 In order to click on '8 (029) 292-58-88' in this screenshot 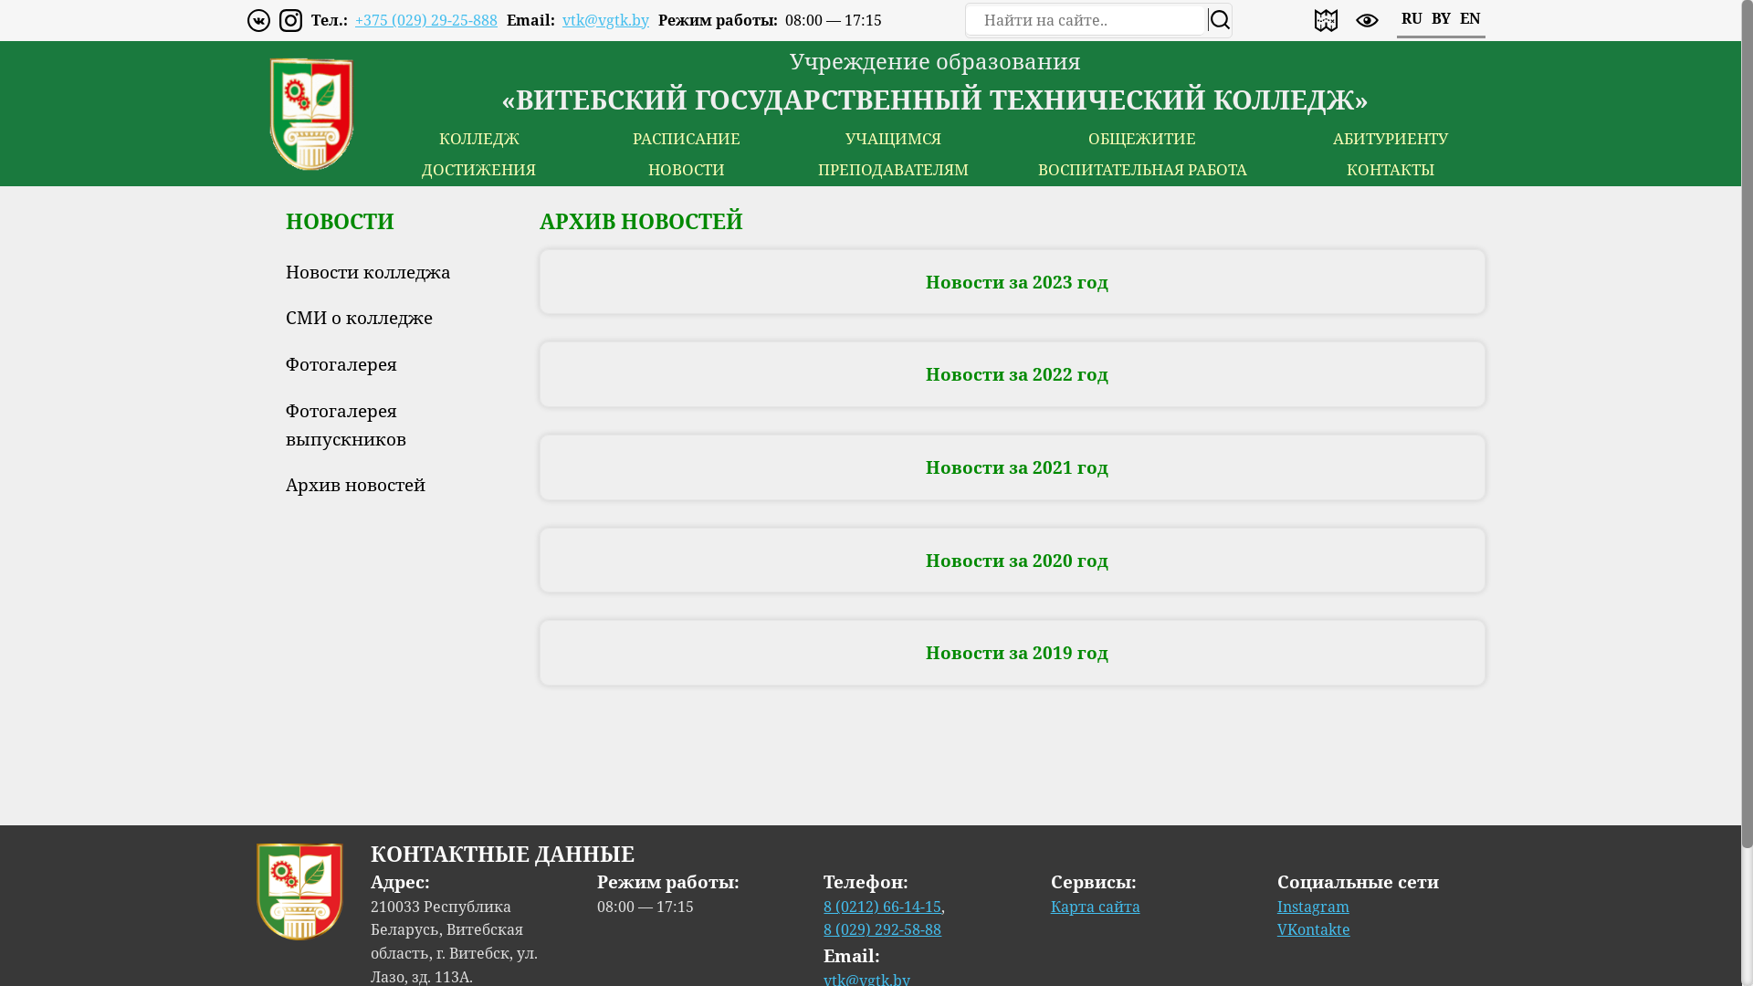, I will do `click(882, 929)`.